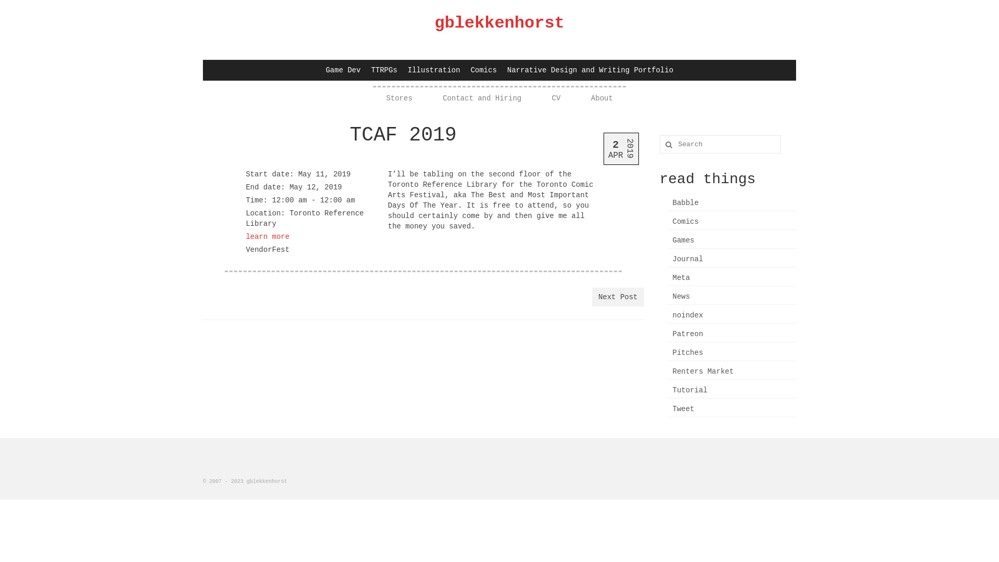  I want to click on 'Contact and Hiring', so click(481, 98).